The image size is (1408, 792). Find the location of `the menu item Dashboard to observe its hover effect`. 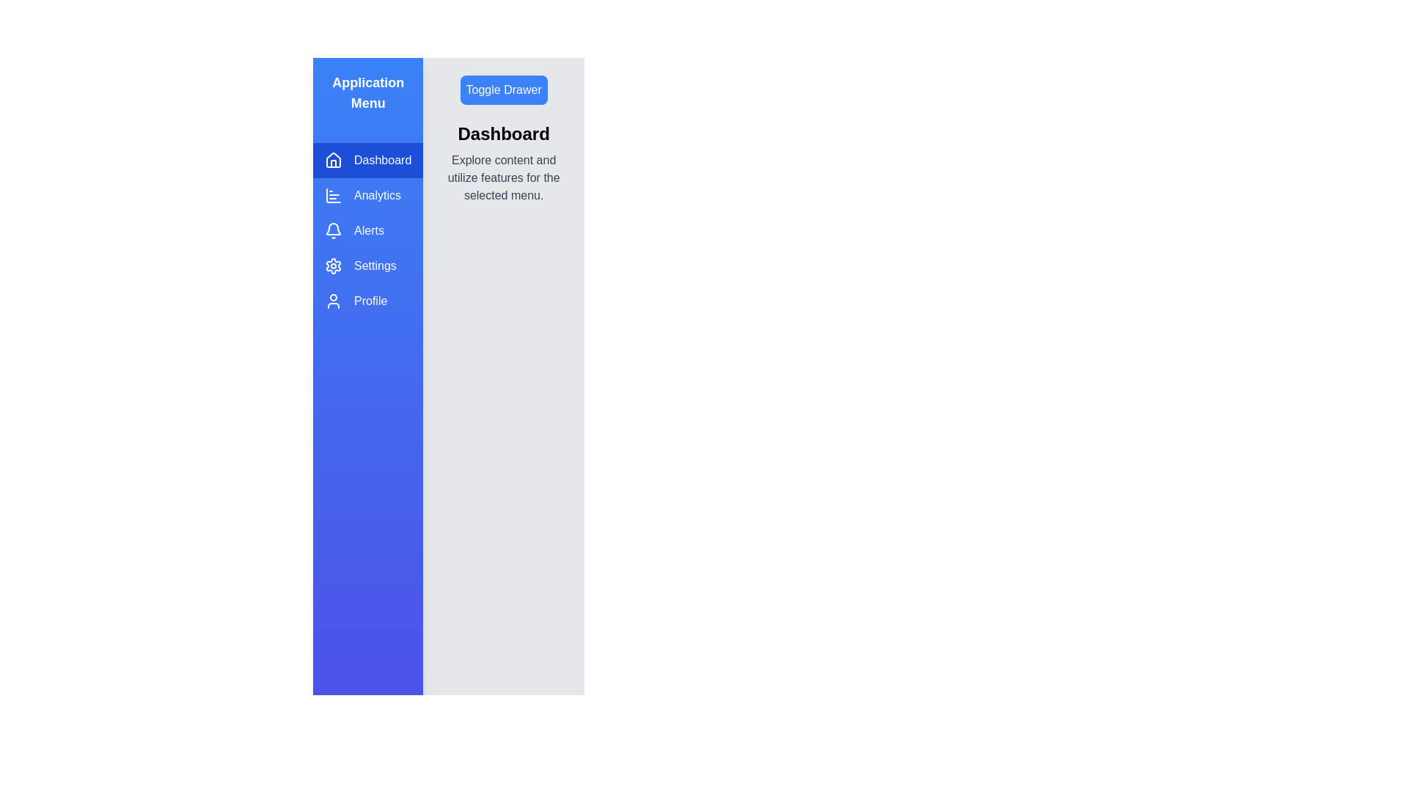

the menu item Dashboard to observe its hover effect is located at coordinates (368, 161).